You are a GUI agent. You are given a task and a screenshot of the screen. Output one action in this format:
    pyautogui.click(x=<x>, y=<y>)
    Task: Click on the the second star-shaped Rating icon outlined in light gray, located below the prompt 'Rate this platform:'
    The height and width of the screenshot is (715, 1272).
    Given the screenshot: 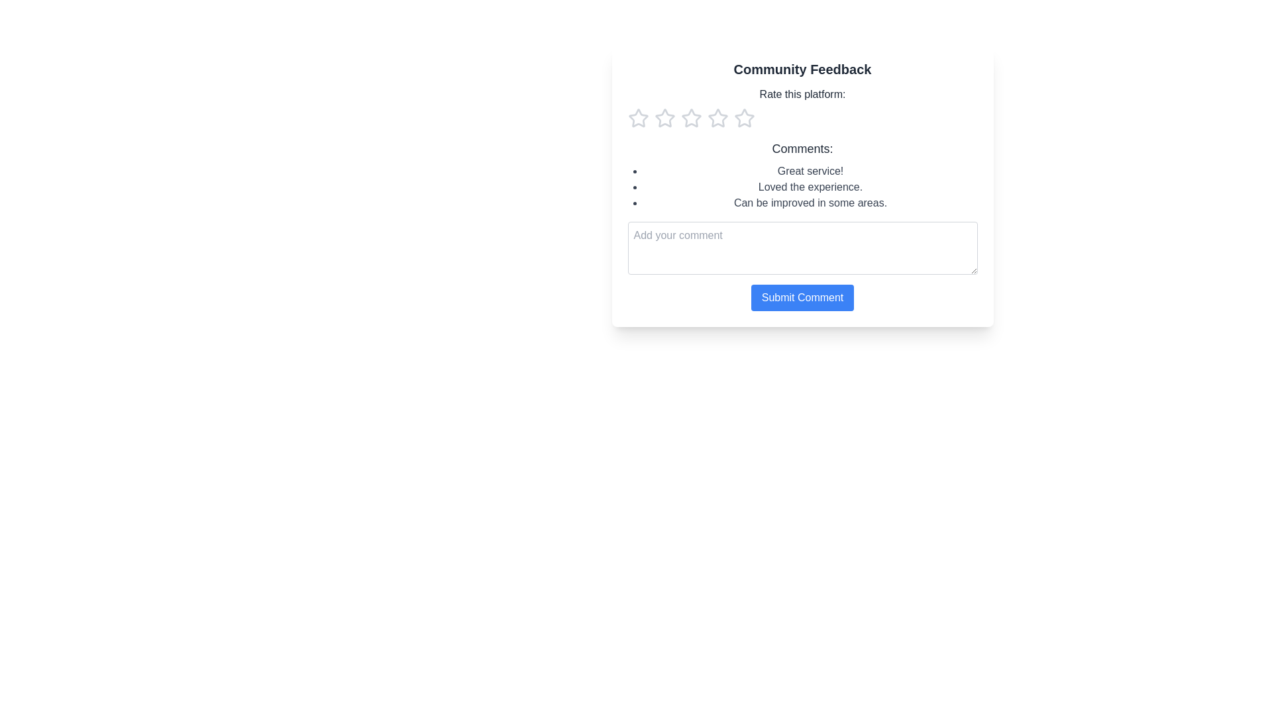 What is the action you would take?
    pyautogui.click(x=664, y=117)
    